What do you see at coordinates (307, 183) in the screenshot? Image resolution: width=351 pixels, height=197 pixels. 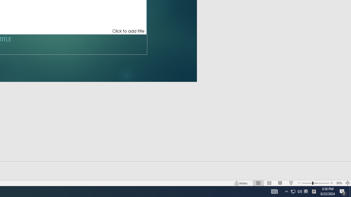 I see `'Zoom Out'` at bounding box center [307, 183].